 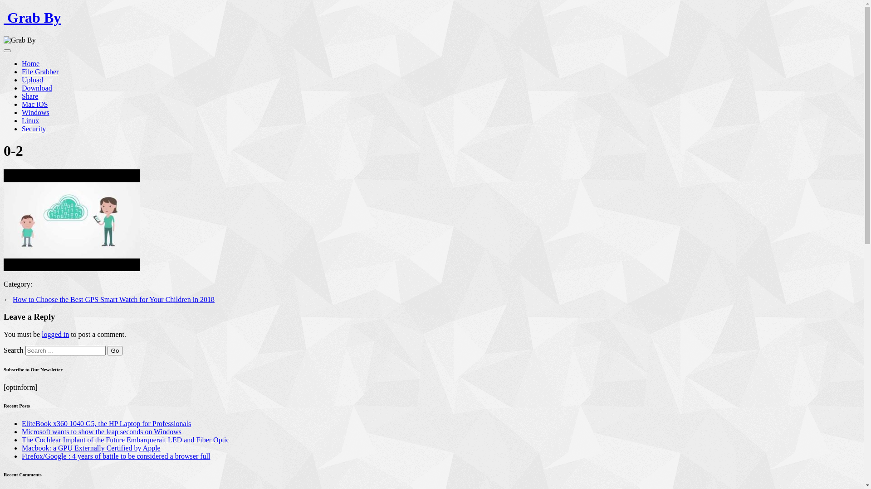 I want to click on 'Go', so click(x=107, y=350).